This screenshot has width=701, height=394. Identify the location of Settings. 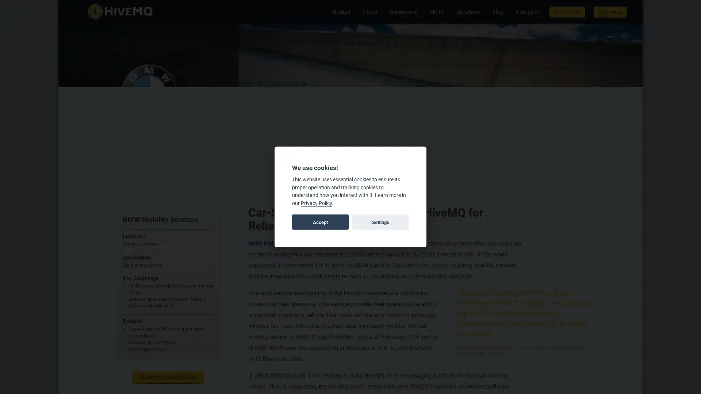
(380, 222).